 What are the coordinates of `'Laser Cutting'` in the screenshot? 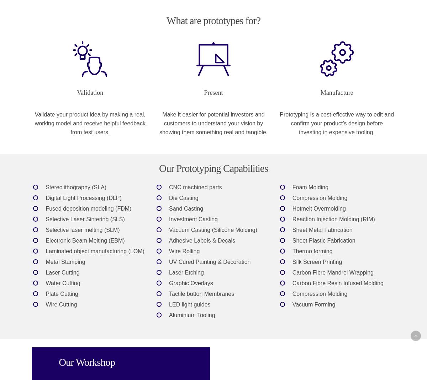 It's located at (62, 272).